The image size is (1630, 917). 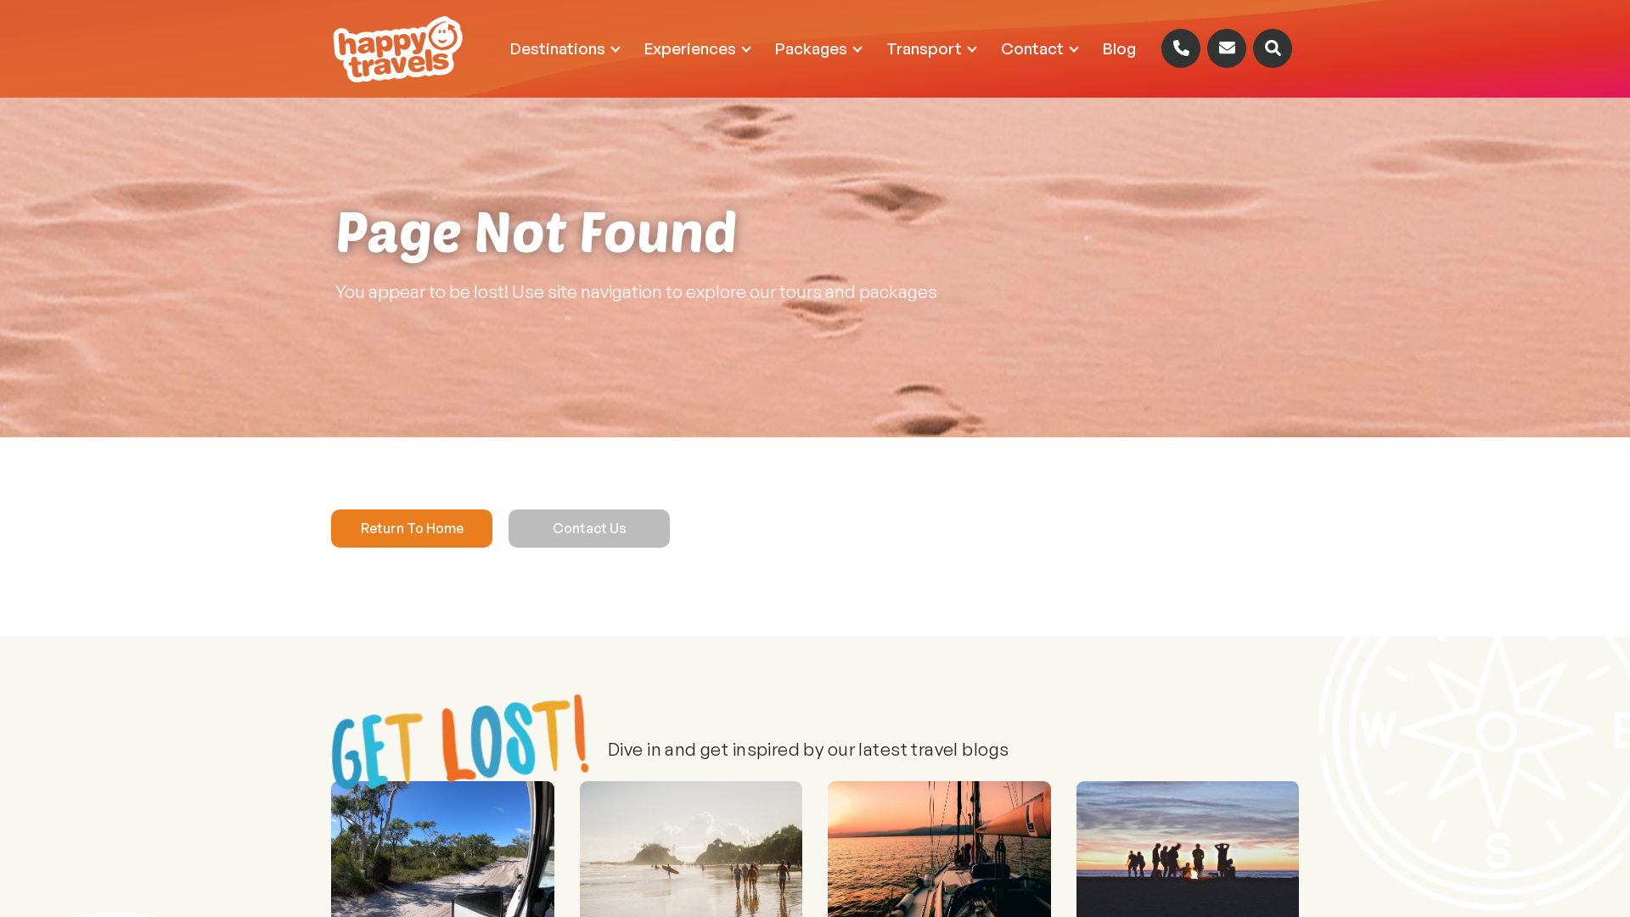 What do you see at coordinates (696, 48) in the screenshot?
I see `'Experiences'` at bounding box center [696, 48].